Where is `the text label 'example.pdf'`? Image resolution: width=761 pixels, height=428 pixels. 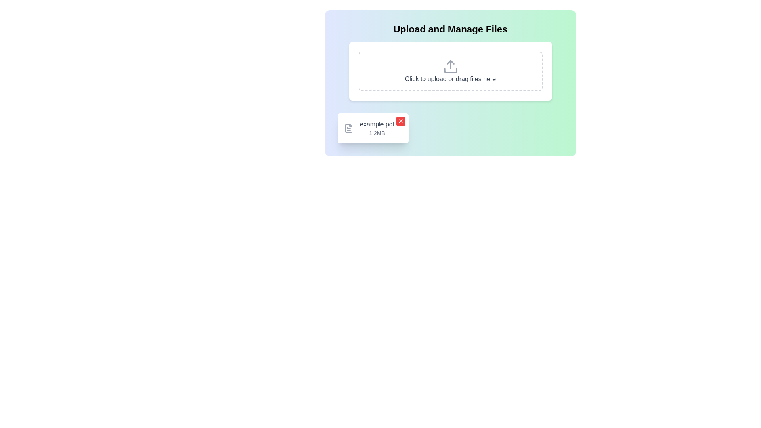 the text label 'example.pdf' is located at coordinates (377, 124).